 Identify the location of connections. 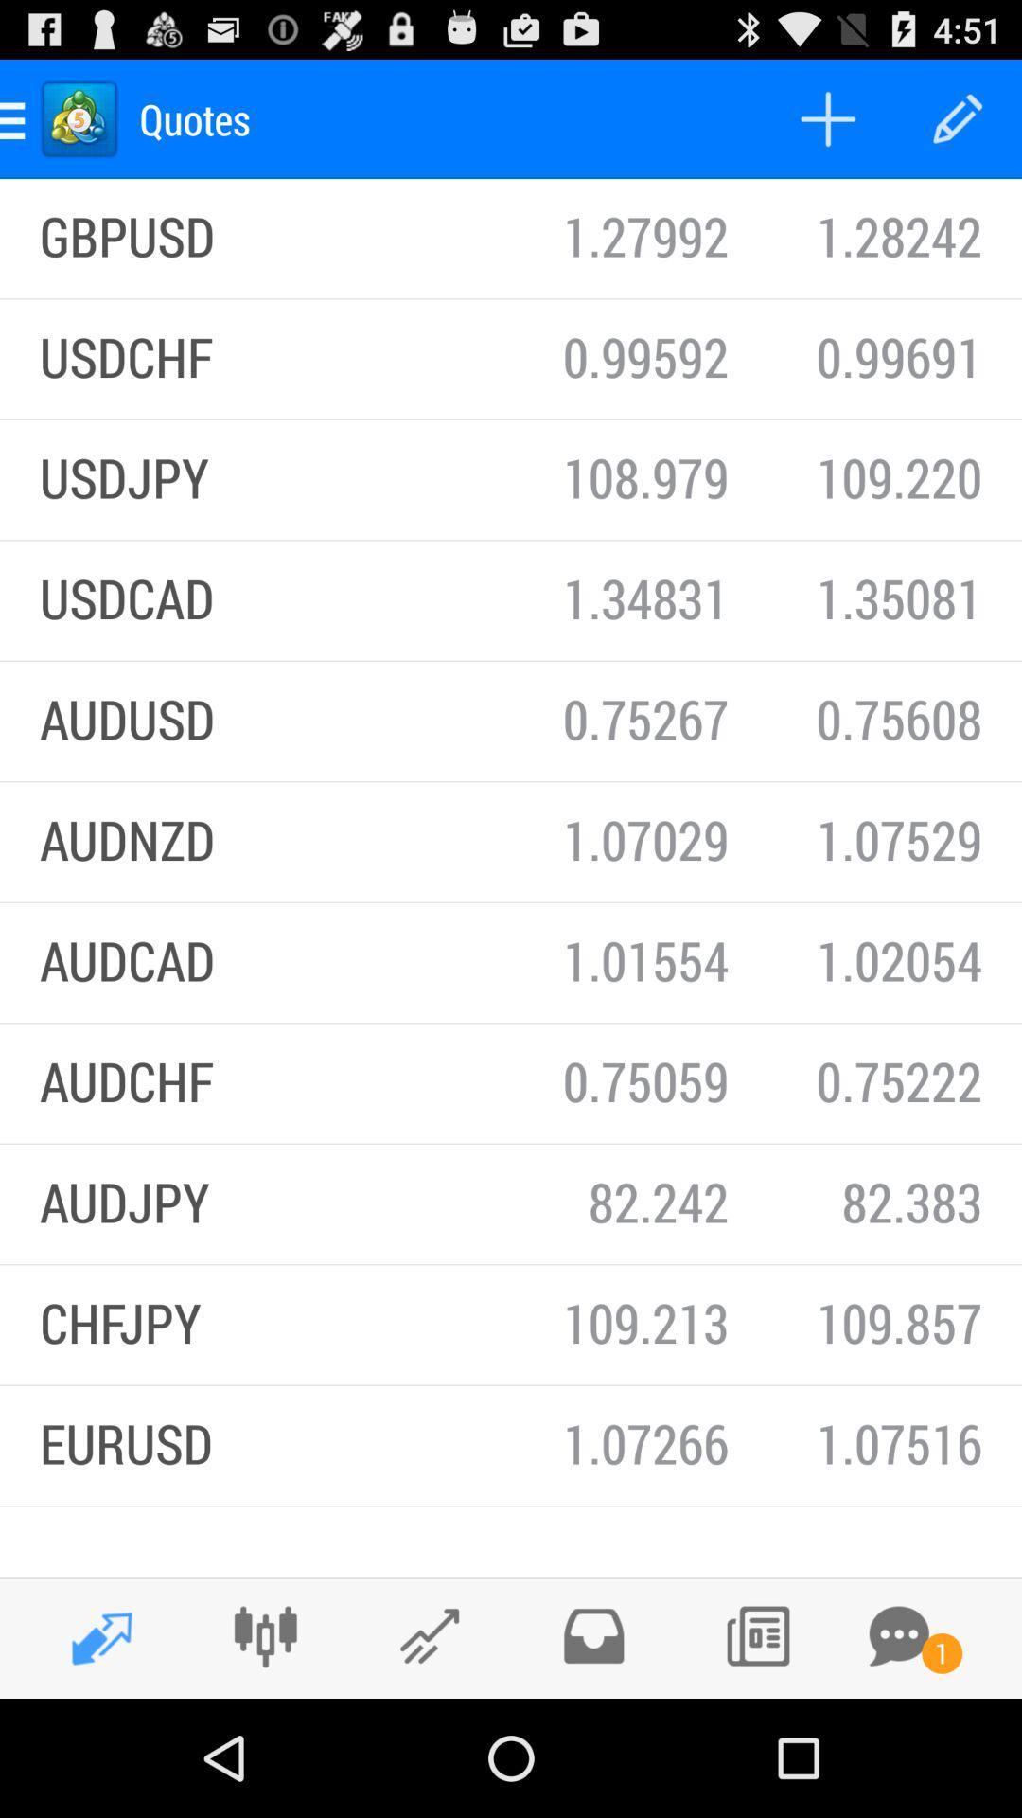
(265, 1635).